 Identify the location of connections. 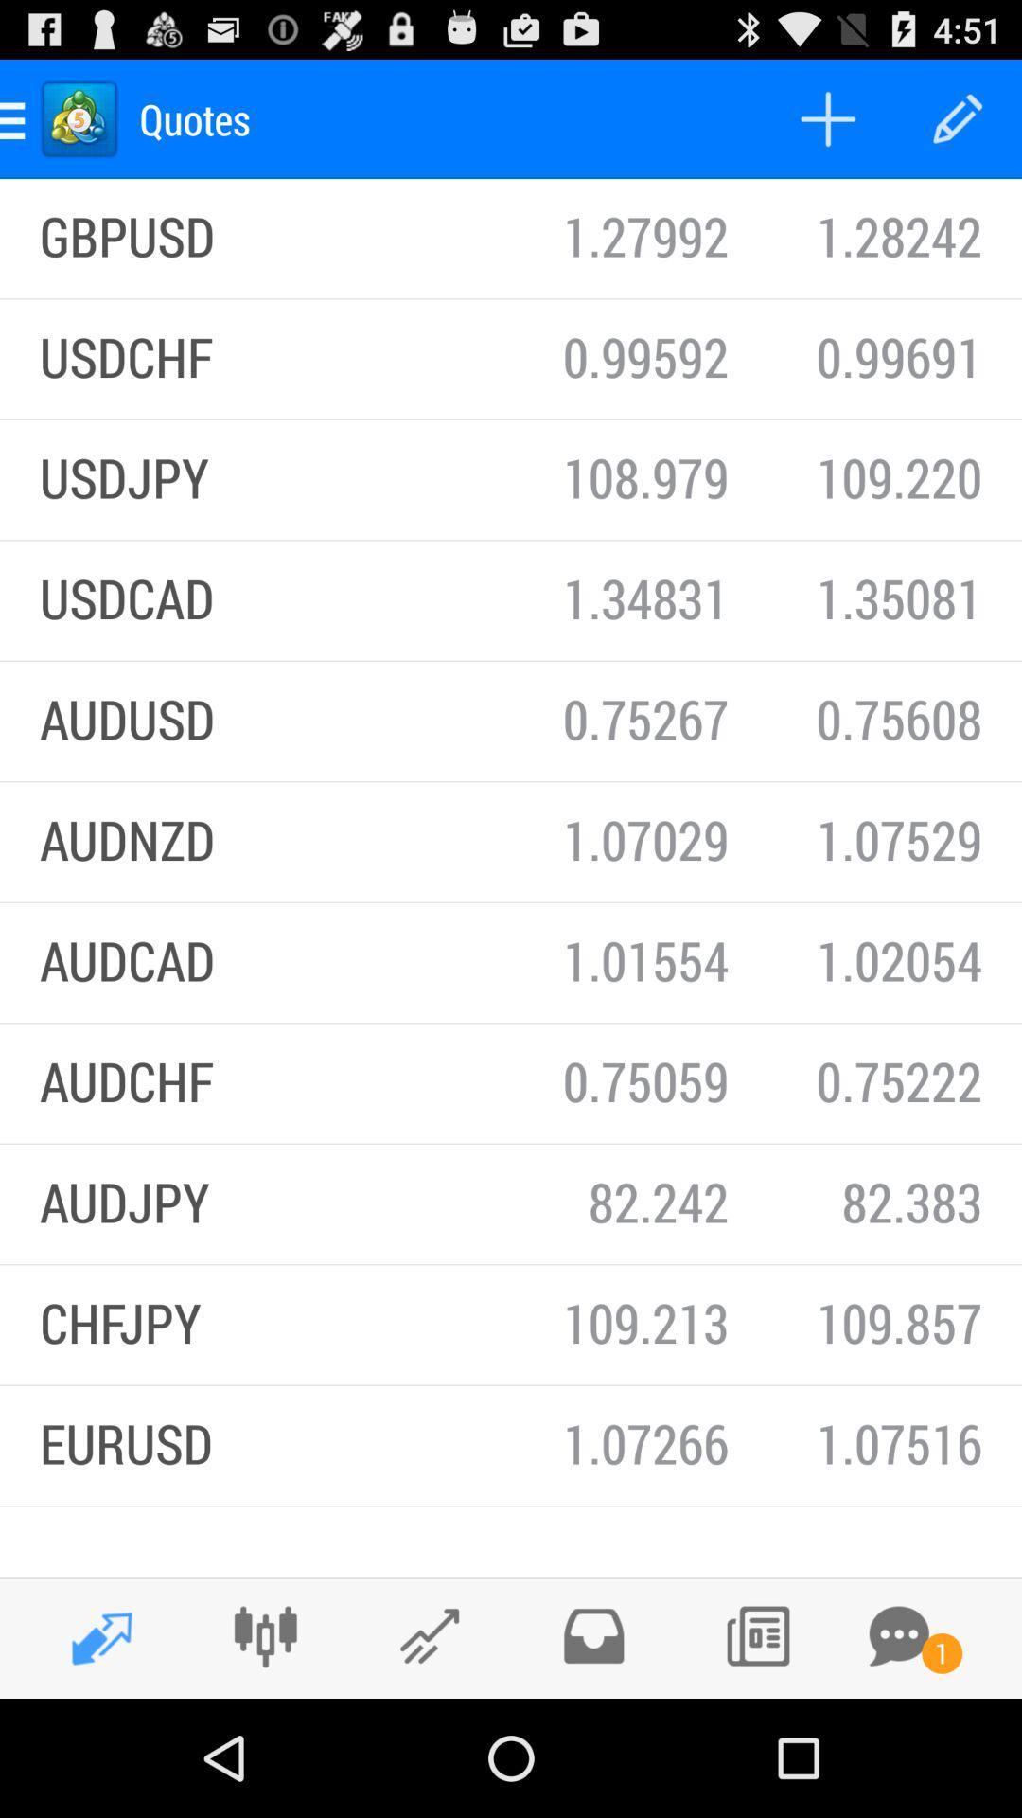
(265, 1635).